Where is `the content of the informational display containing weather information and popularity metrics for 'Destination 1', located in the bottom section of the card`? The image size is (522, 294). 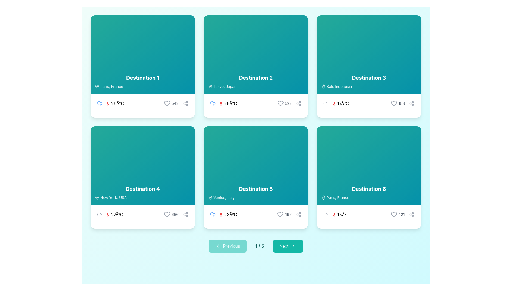 the content of the informational display containing weather information and popularity metrics for 'Destination 1', located in the bottom section of the card is located at coordinates (142, 103).